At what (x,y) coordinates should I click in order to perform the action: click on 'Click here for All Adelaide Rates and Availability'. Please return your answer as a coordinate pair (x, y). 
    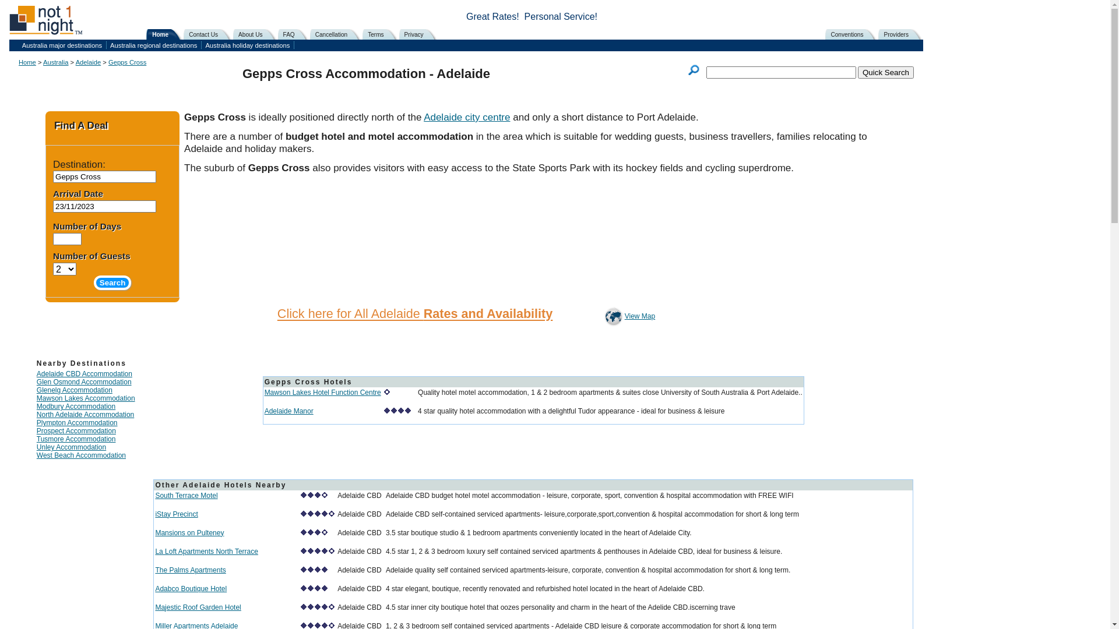
    Looking at the image, I should click on (414, 313).